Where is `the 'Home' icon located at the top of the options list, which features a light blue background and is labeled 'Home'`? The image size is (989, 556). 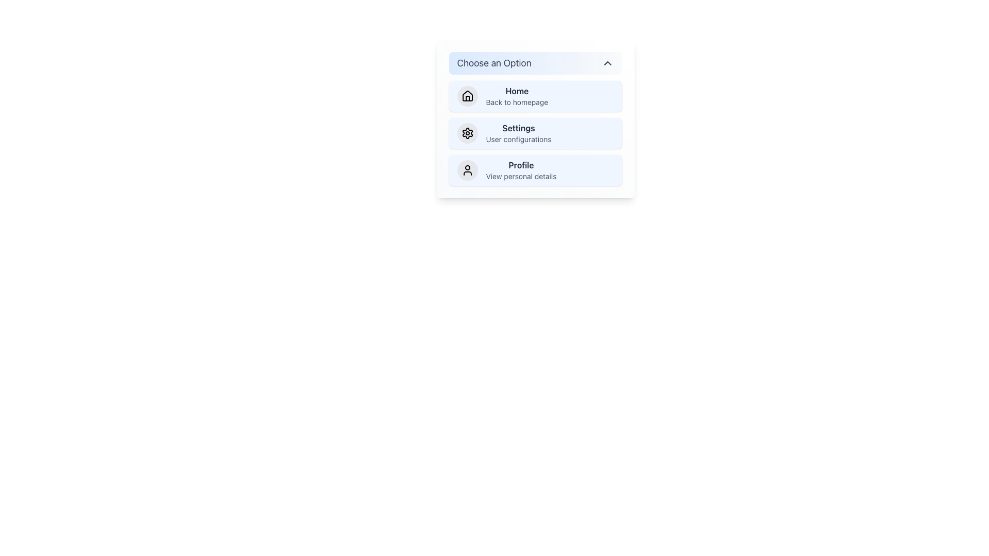
the 'Home' icon located at the top of the options list, which features a light blue background and is labeled 'Home' is located at coordinates (467, 96).